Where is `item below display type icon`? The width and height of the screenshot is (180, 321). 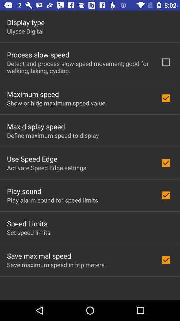
item below display type icon is located at coordinates (25, 31).